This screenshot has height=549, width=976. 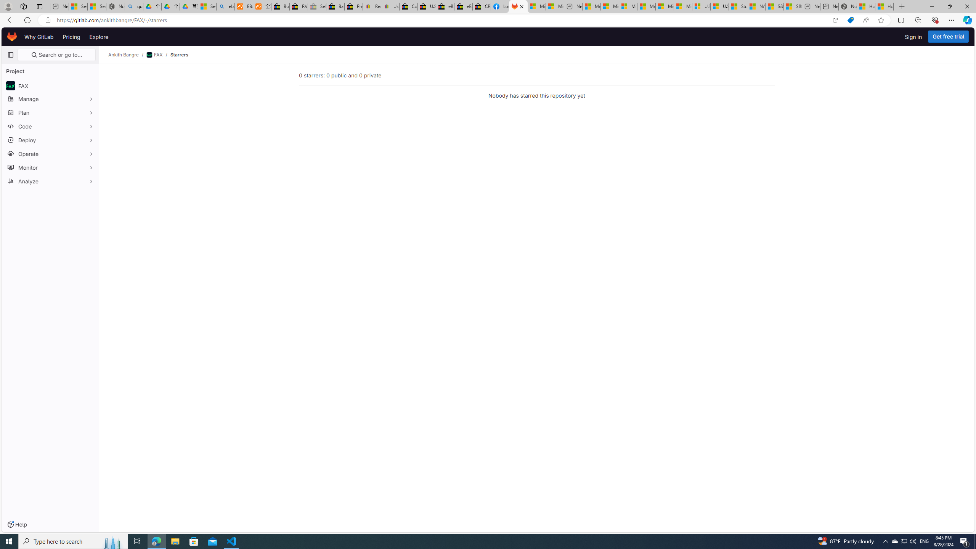 I want to click on 'How to Use a Monitor With Your Closed Laptop', so click(x=884, y=6).